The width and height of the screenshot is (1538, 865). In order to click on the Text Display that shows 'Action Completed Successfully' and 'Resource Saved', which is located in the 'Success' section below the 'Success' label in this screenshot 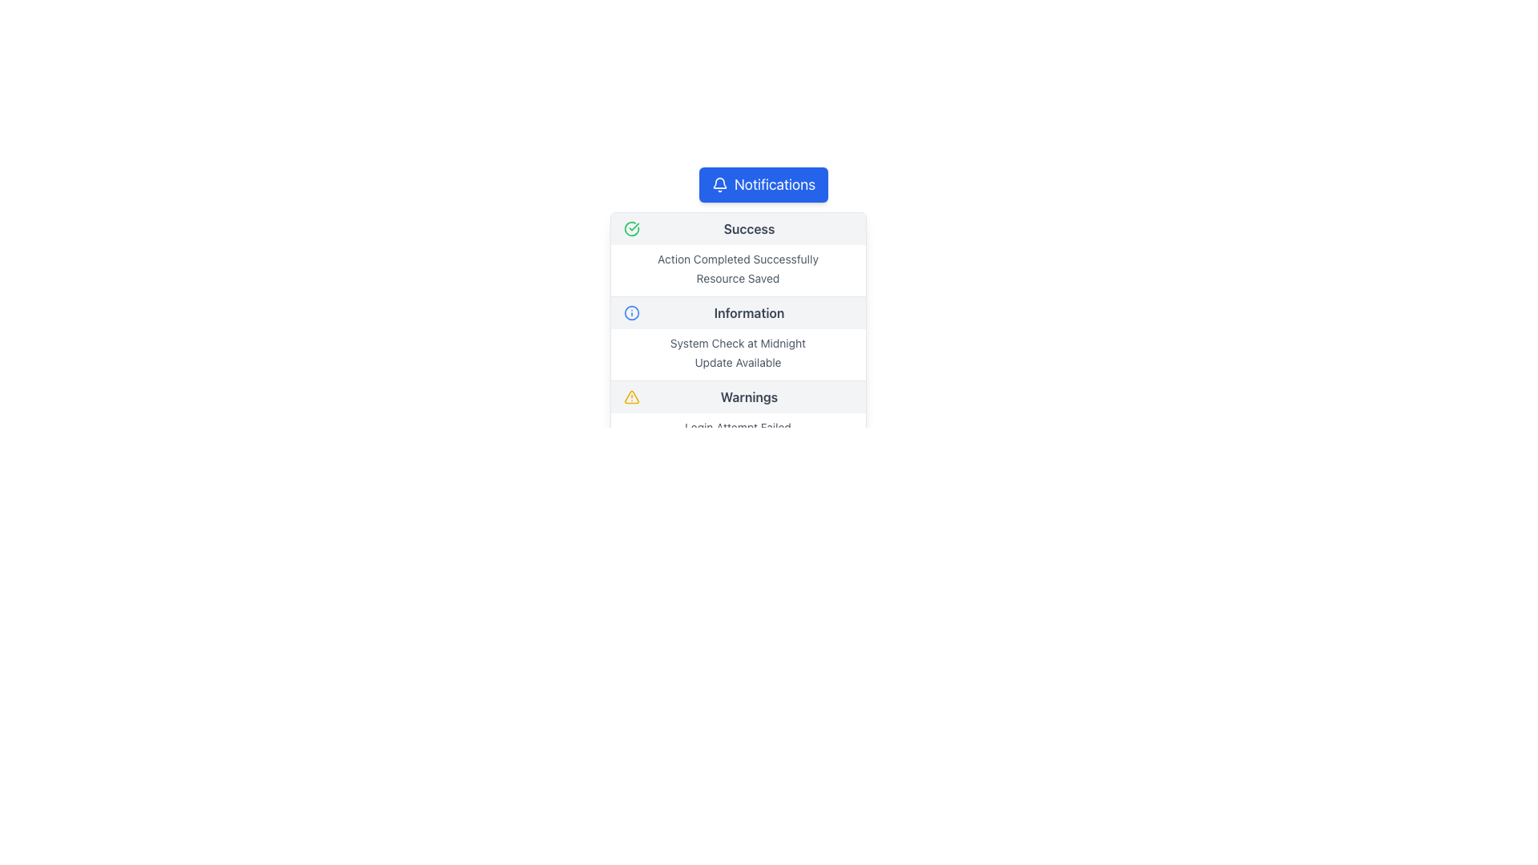, I will do `click(737, 270)`.